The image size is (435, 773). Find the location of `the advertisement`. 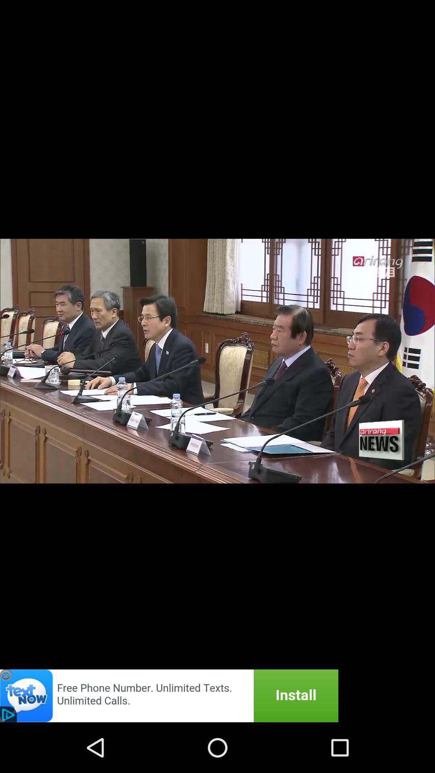

the advertisement is located at coordinates (169, 695).